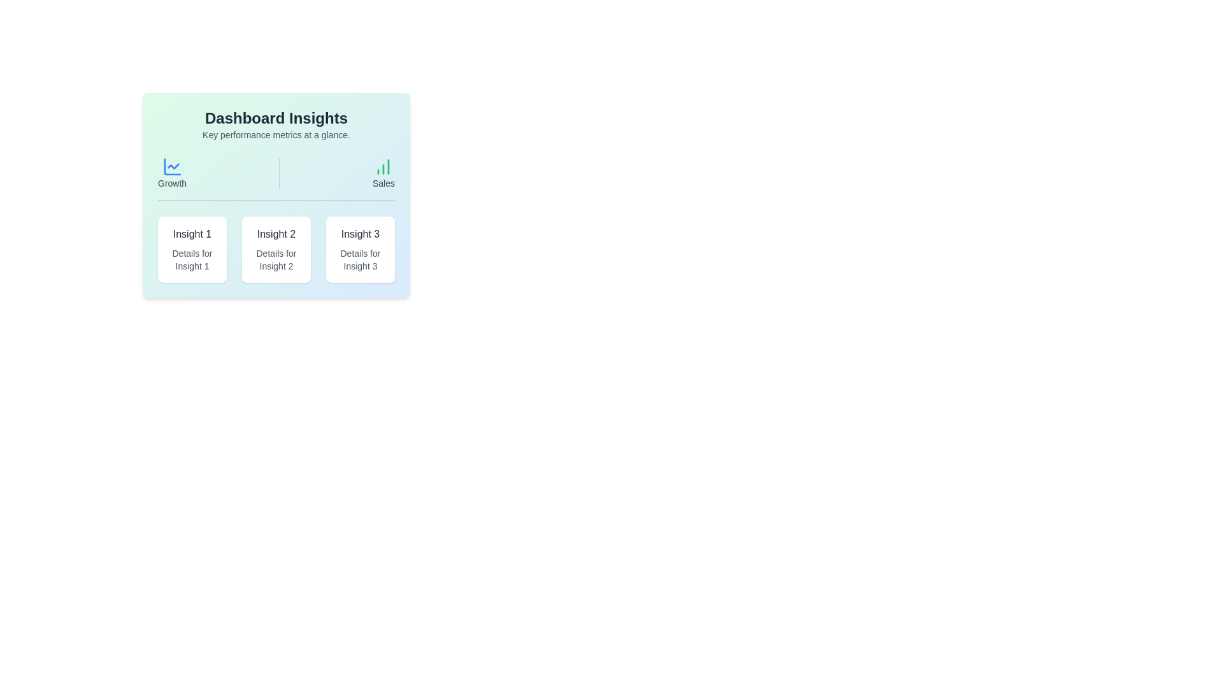 This screenshot has width=1223, height=688. What do you see at coordinates (383, 166) in the screenshot?
I see `the green column chart icon located above the 'Sales' text in the top-right section of the 'Dashboard Insights' card` at bounding box center [383, 166].